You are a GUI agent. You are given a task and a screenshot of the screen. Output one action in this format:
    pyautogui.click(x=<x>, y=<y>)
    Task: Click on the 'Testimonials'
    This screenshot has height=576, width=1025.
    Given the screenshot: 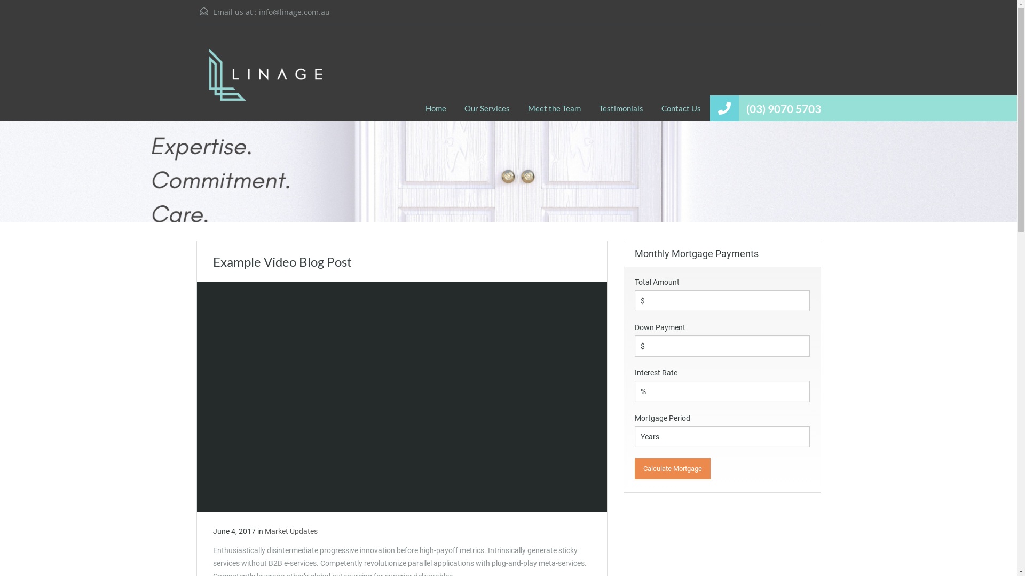 What is the action you would take?
    pyautogui.click(x=620, y=108)
    